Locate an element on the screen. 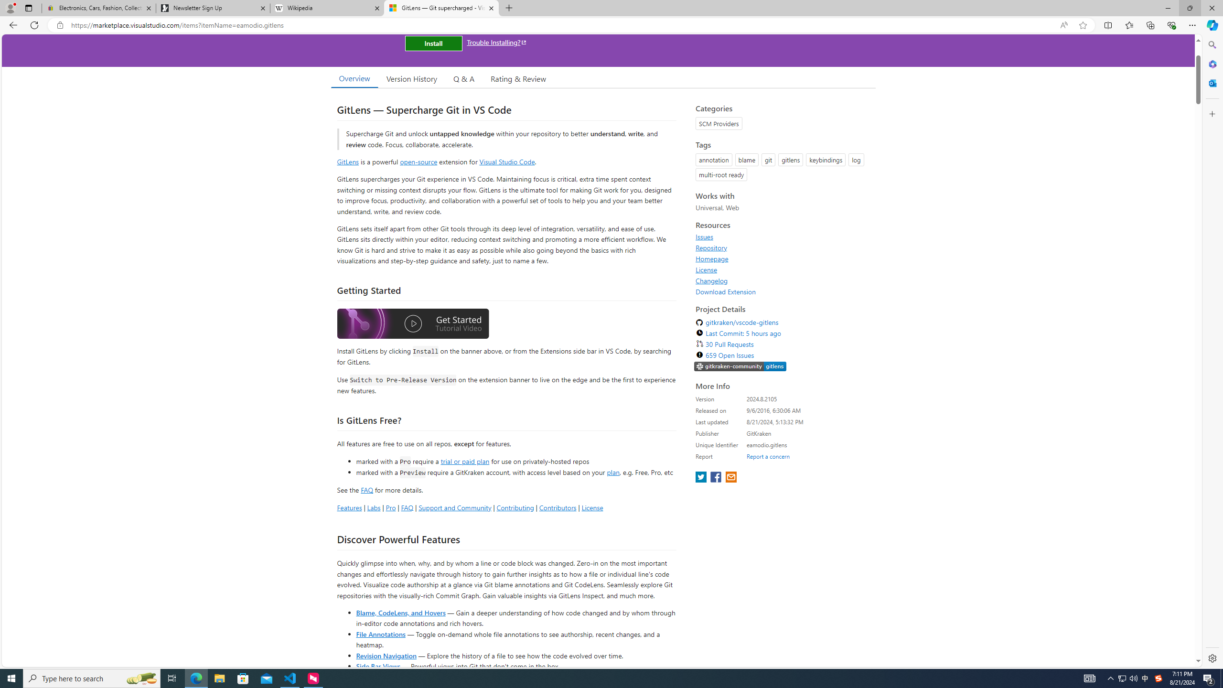 This screenshot has height=688, width=1223. 'Changelog' is located at coordinates (711, 280).